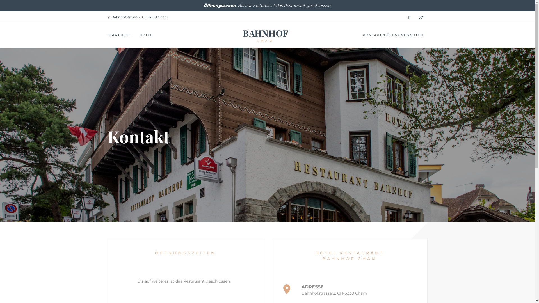 Image resolution: width=539 pixels, height=303 pixels. Describe the element at coordinates (119, 35) in the screenshot. I see `'STARTSEITE'` at that location.